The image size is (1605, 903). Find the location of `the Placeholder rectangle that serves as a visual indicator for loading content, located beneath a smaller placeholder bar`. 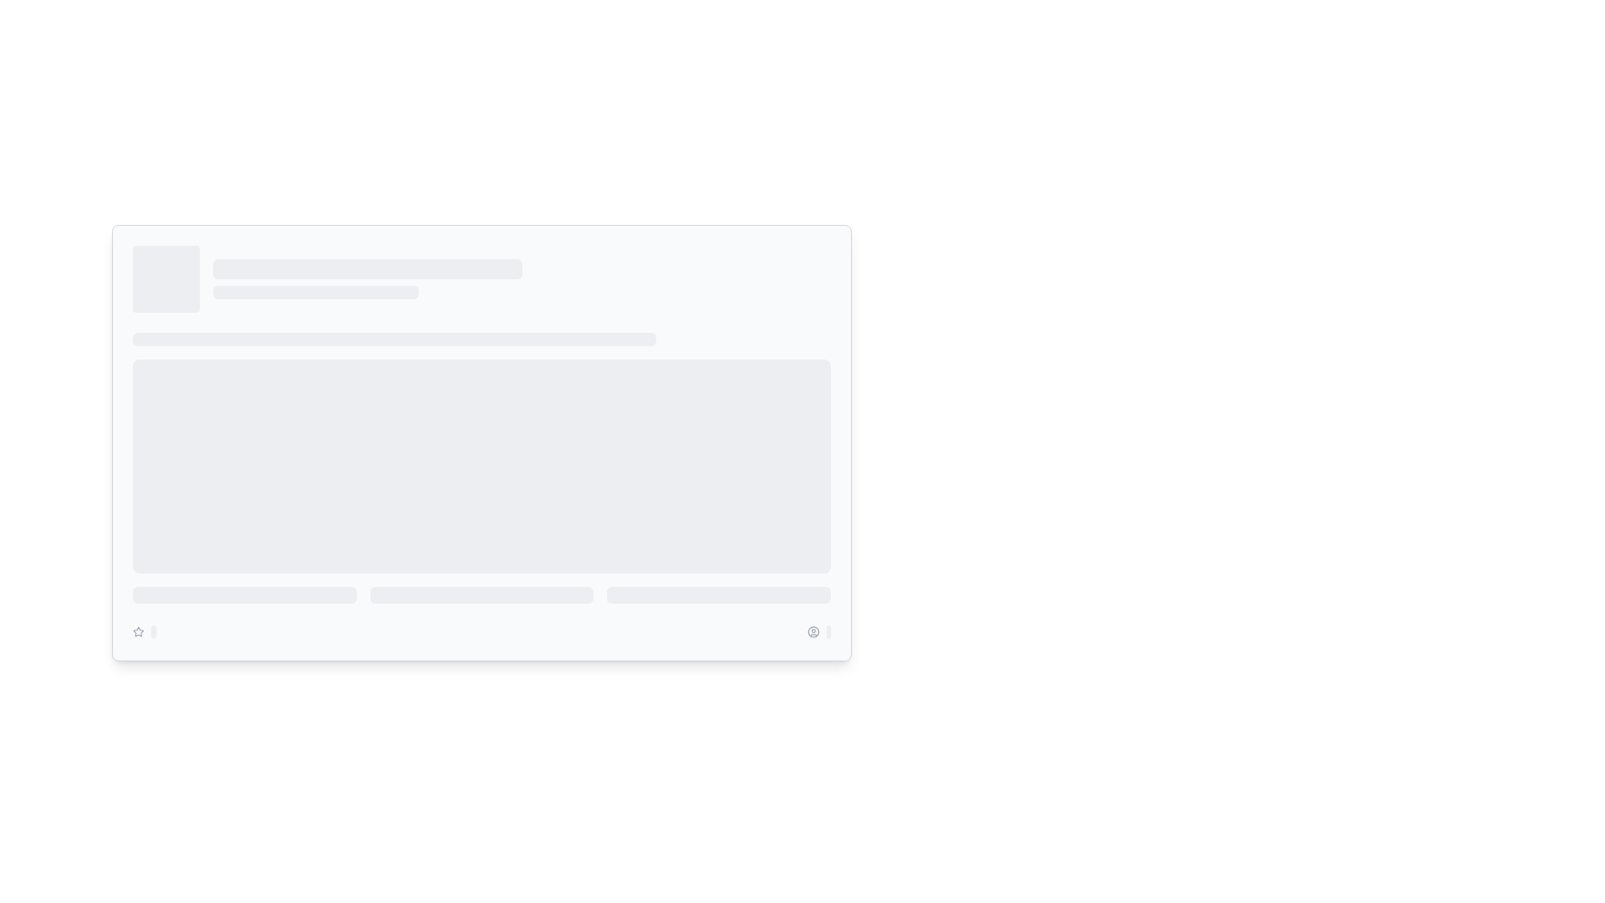

the Placeholder rectangle that serves as a visual indicator for loading content, located beneath a smaller placeholder bar is located at coordinates (481, 467).